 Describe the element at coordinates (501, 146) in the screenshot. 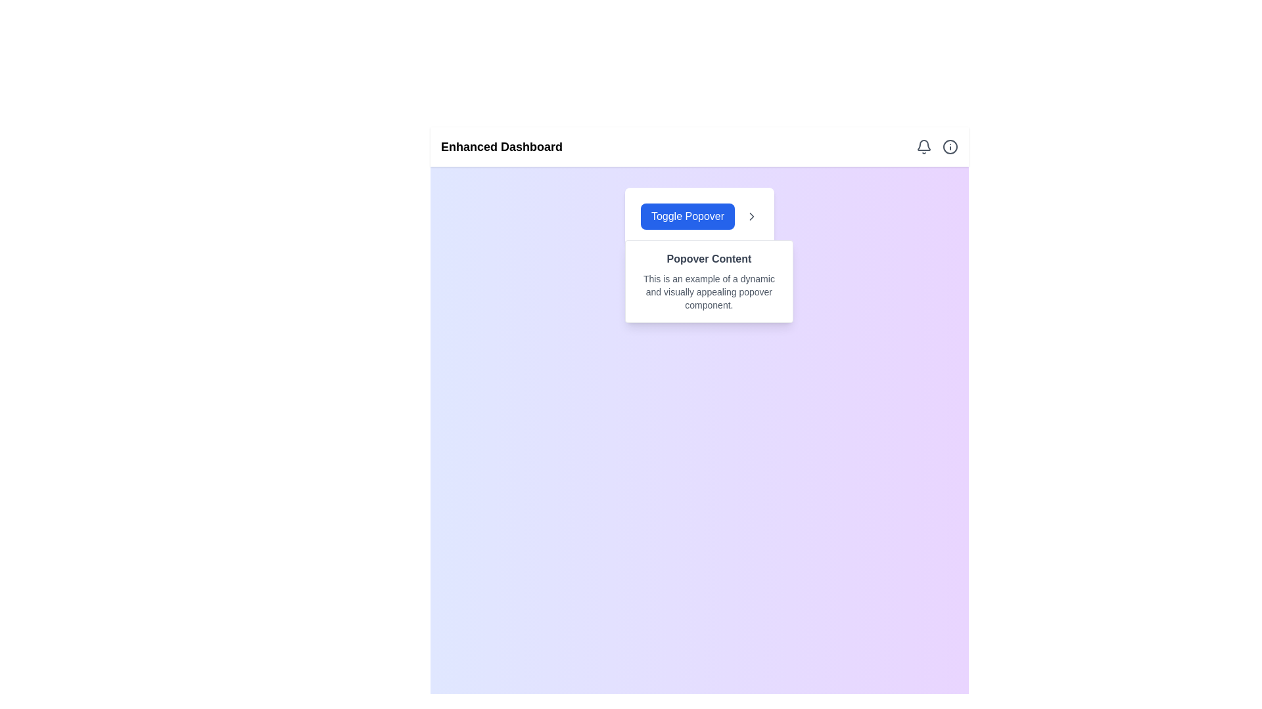

I see `the bold text string 'Enhanced Dashboard' located on the far-left side of the navigation bar` at that location.